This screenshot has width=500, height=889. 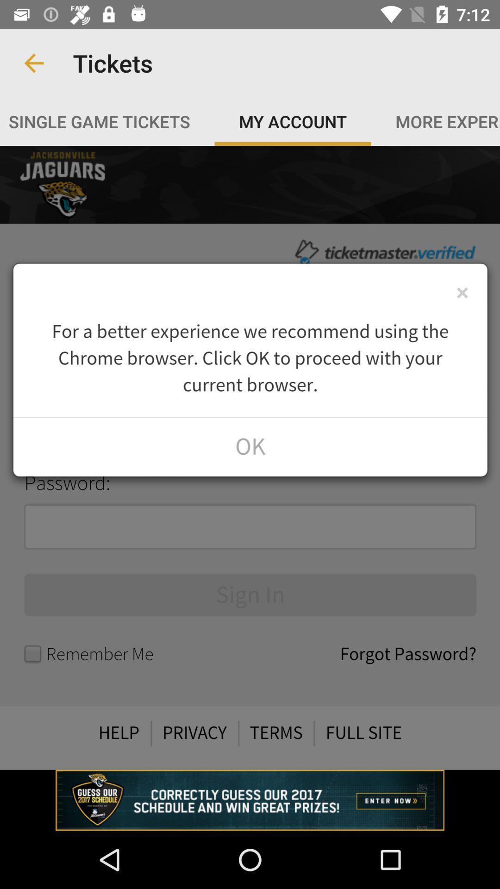 What do you see at coordinates (250, 800) in the screenshot?
I see `the advertisement` at bounding box center [250, 800].